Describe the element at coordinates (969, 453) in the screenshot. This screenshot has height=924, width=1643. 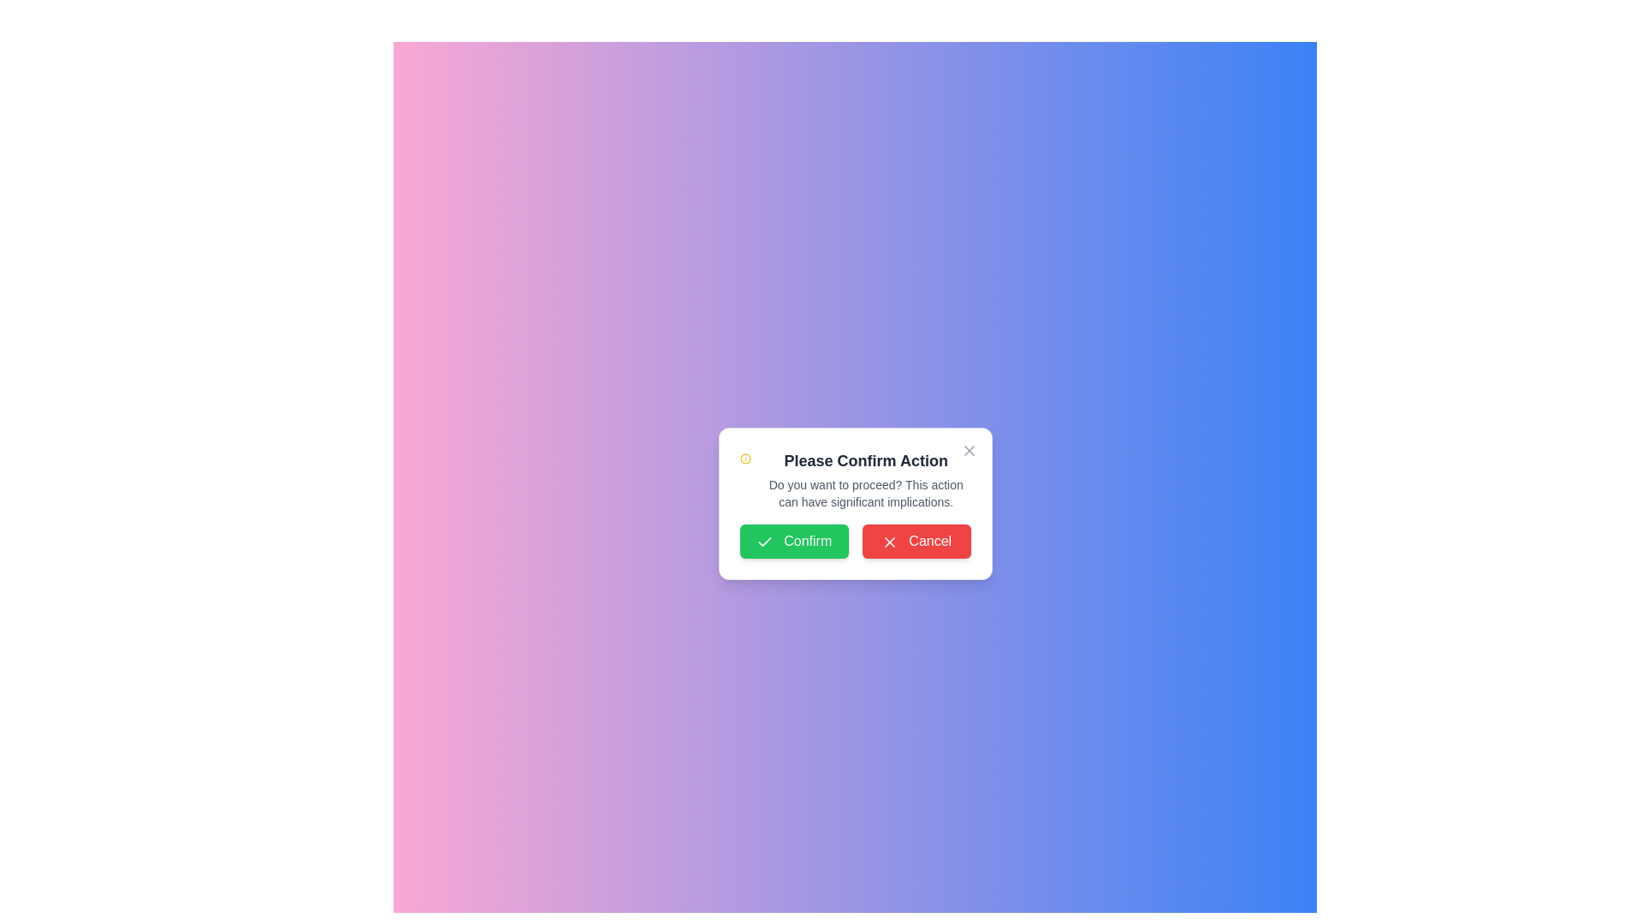
I see `the close button located at the top-right corner of the 'Please Confirm Action' dialog box to change its color` at that location.